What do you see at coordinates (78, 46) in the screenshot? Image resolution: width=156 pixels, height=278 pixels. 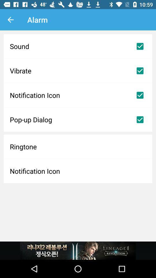 I see `the sound item` at bounding box center [78, 46].